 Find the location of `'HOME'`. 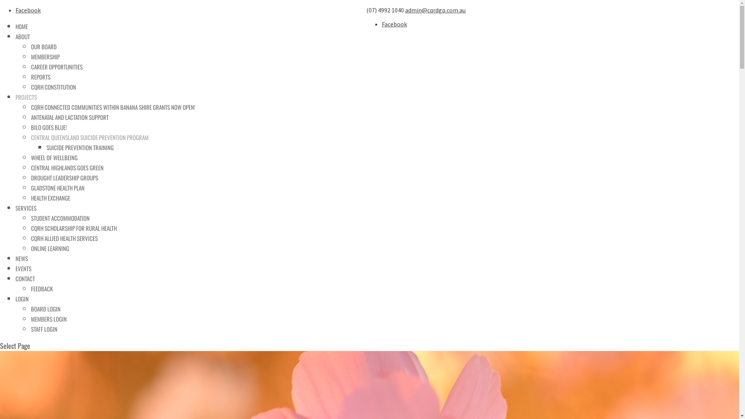

'HOME' is located at coordinates (22, 26).